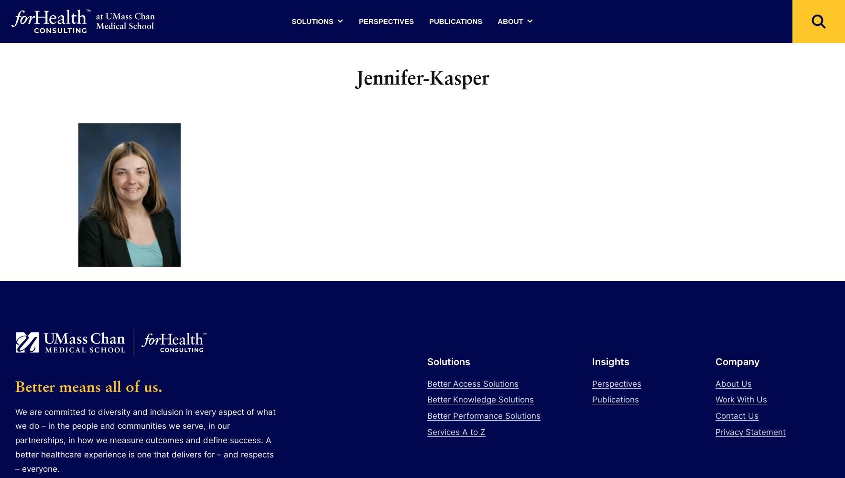  What do you see at coordinates (509, 21) in the screenshot?
I see `'About'` at bounding box center [509, 21].